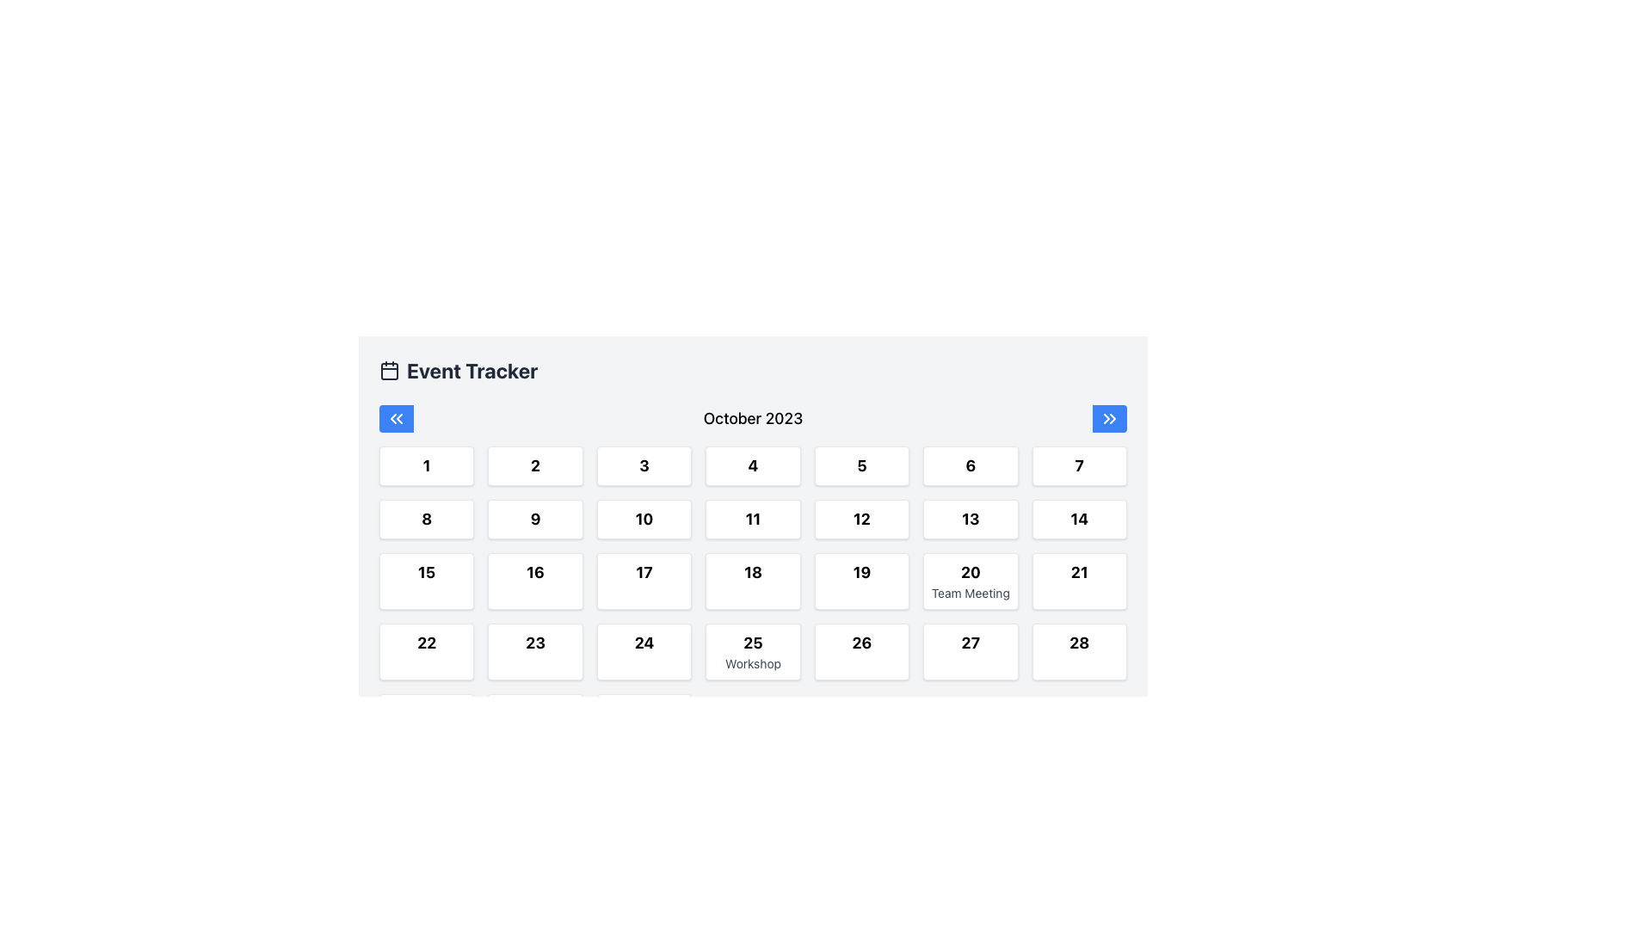 The image size is (1652, 929). I want to click on the button displaying the number '26', so click(861, 643).